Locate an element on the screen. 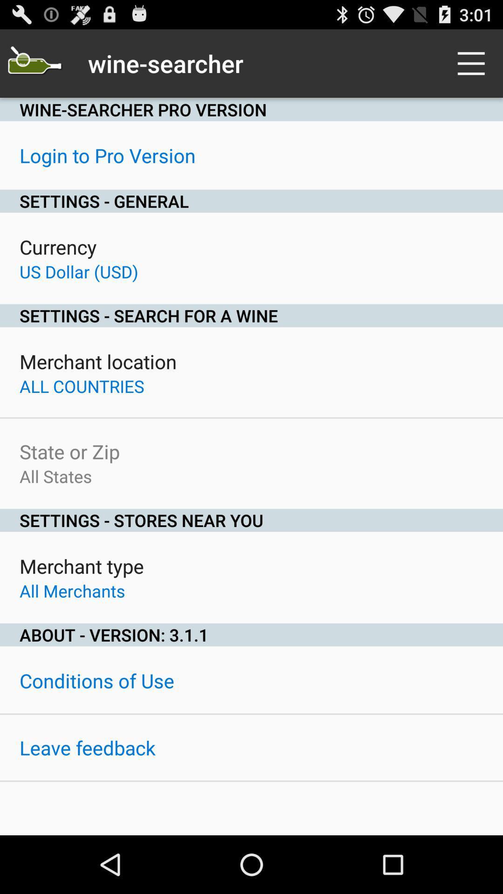 Image resolution: width=503 pixels, height=894 pixels. the icon above settings stores near item is located at coordinates (55, 476).